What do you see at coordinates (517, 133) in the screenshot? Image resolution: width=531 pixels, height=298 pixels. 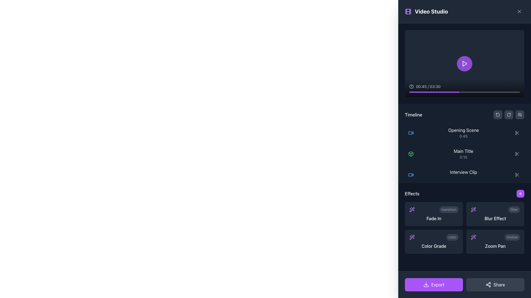 I see `the button located at the far right of the 'Opening Scene' row in the timeline section` at bounding box center [517, 133].